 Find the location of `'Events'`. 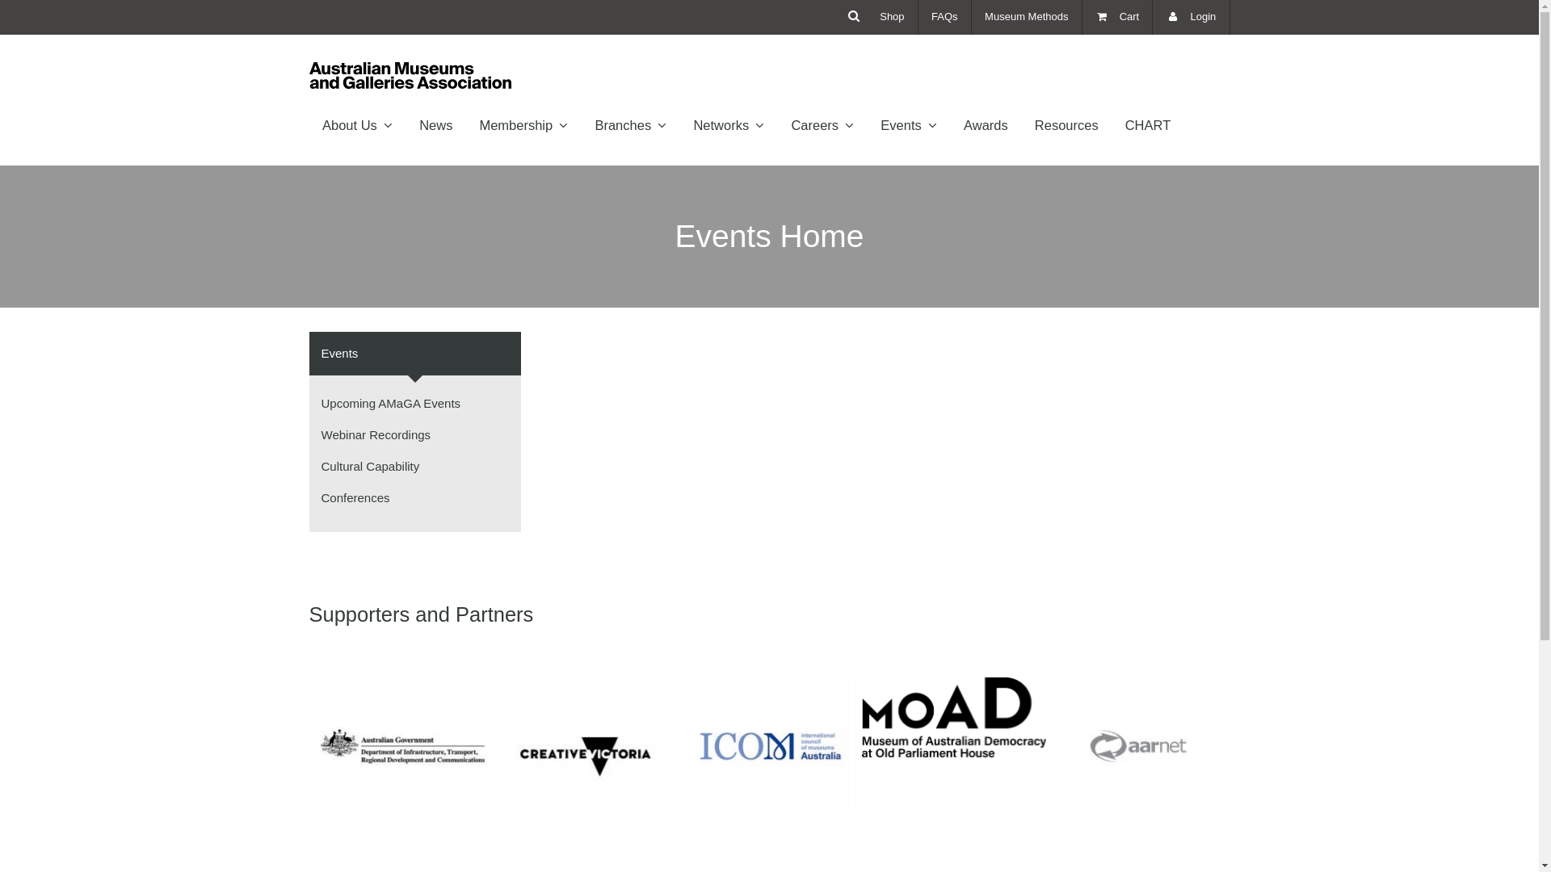

'Events' is located at coordinates (415, 353).